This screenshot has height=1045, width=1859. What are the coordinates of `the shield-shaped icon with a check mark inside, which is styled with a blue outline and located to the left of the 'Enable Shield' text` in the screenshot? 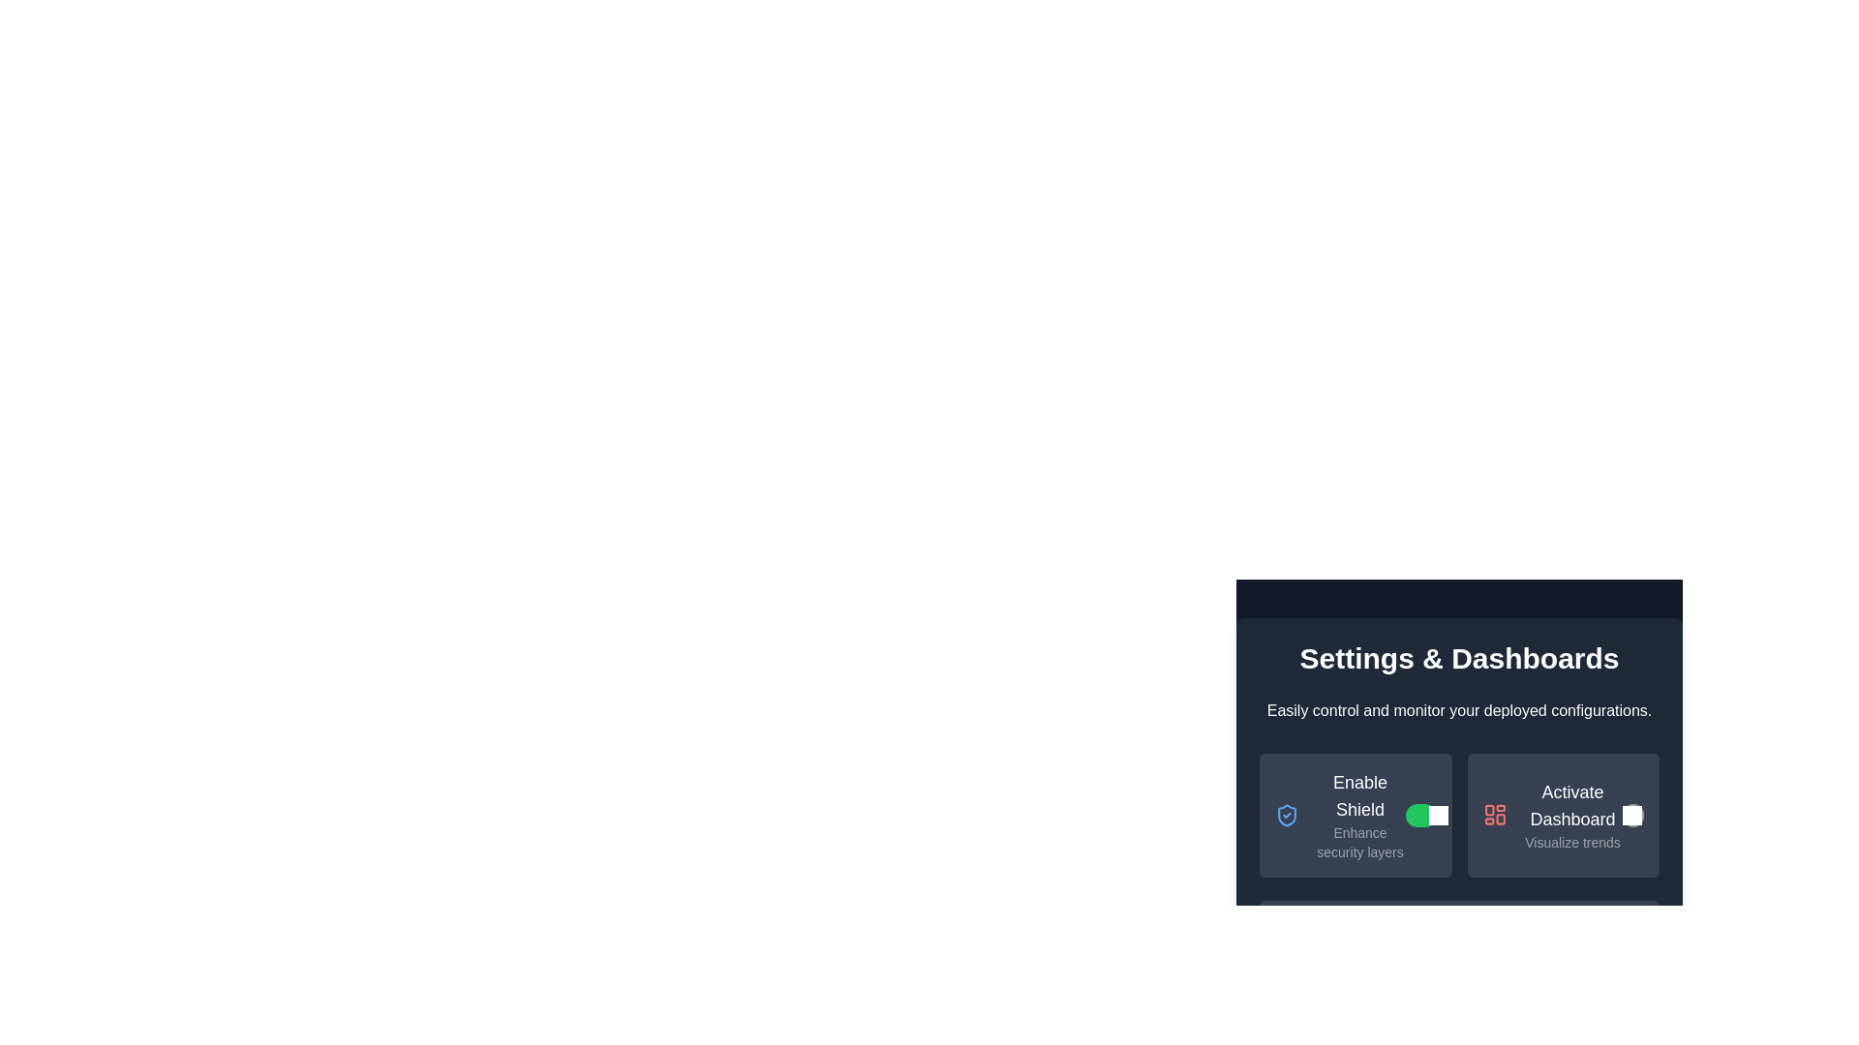 It's located at (1287, 816).